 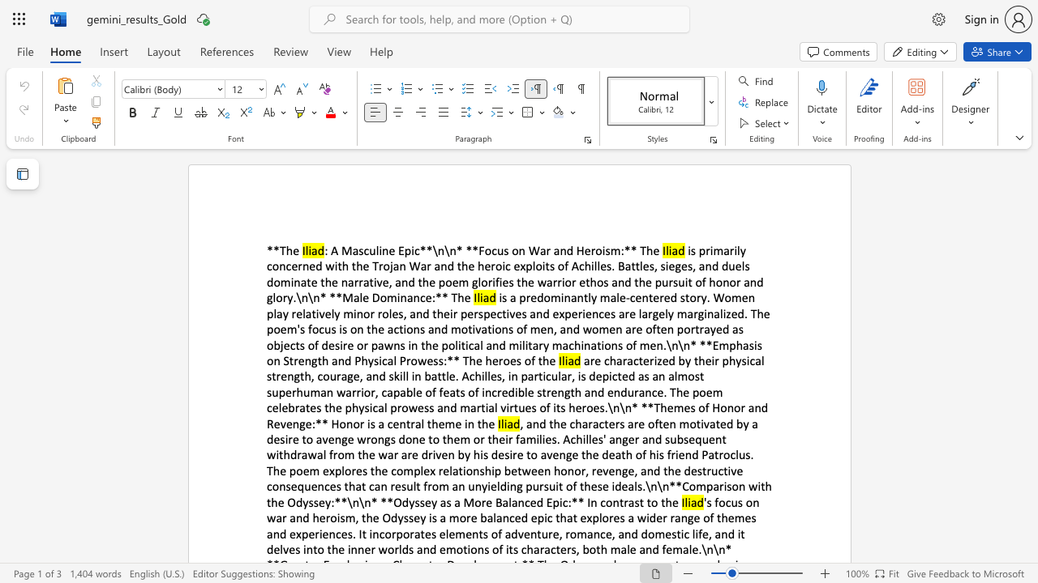 I want to click on the subset text "he" within the text "and Heroism:** The", so click(x=646, y=250).